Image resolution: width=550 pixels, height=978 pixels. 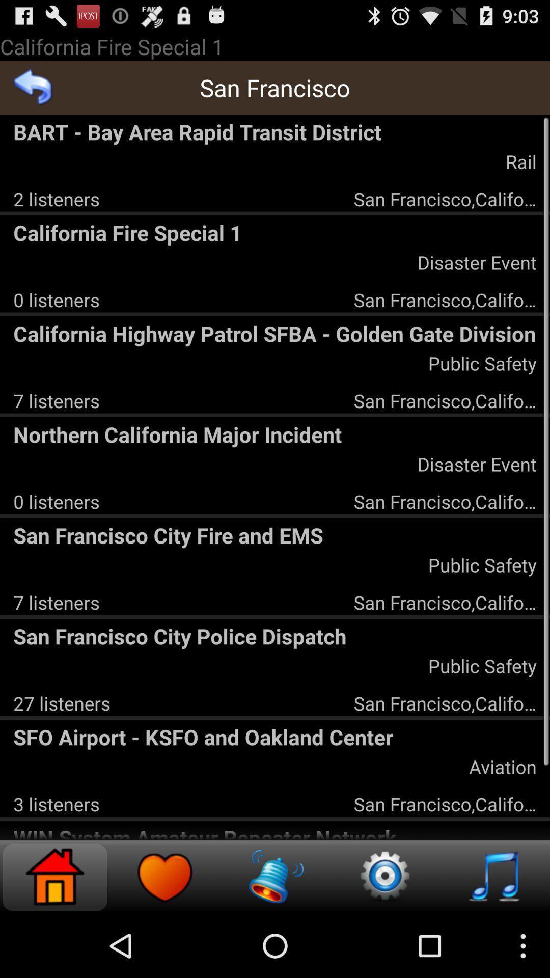 What do you see at coordinates (57, 199) in the screenshot?
I see `the app next to san francisco,california icon` at bounding box center [57, 199].